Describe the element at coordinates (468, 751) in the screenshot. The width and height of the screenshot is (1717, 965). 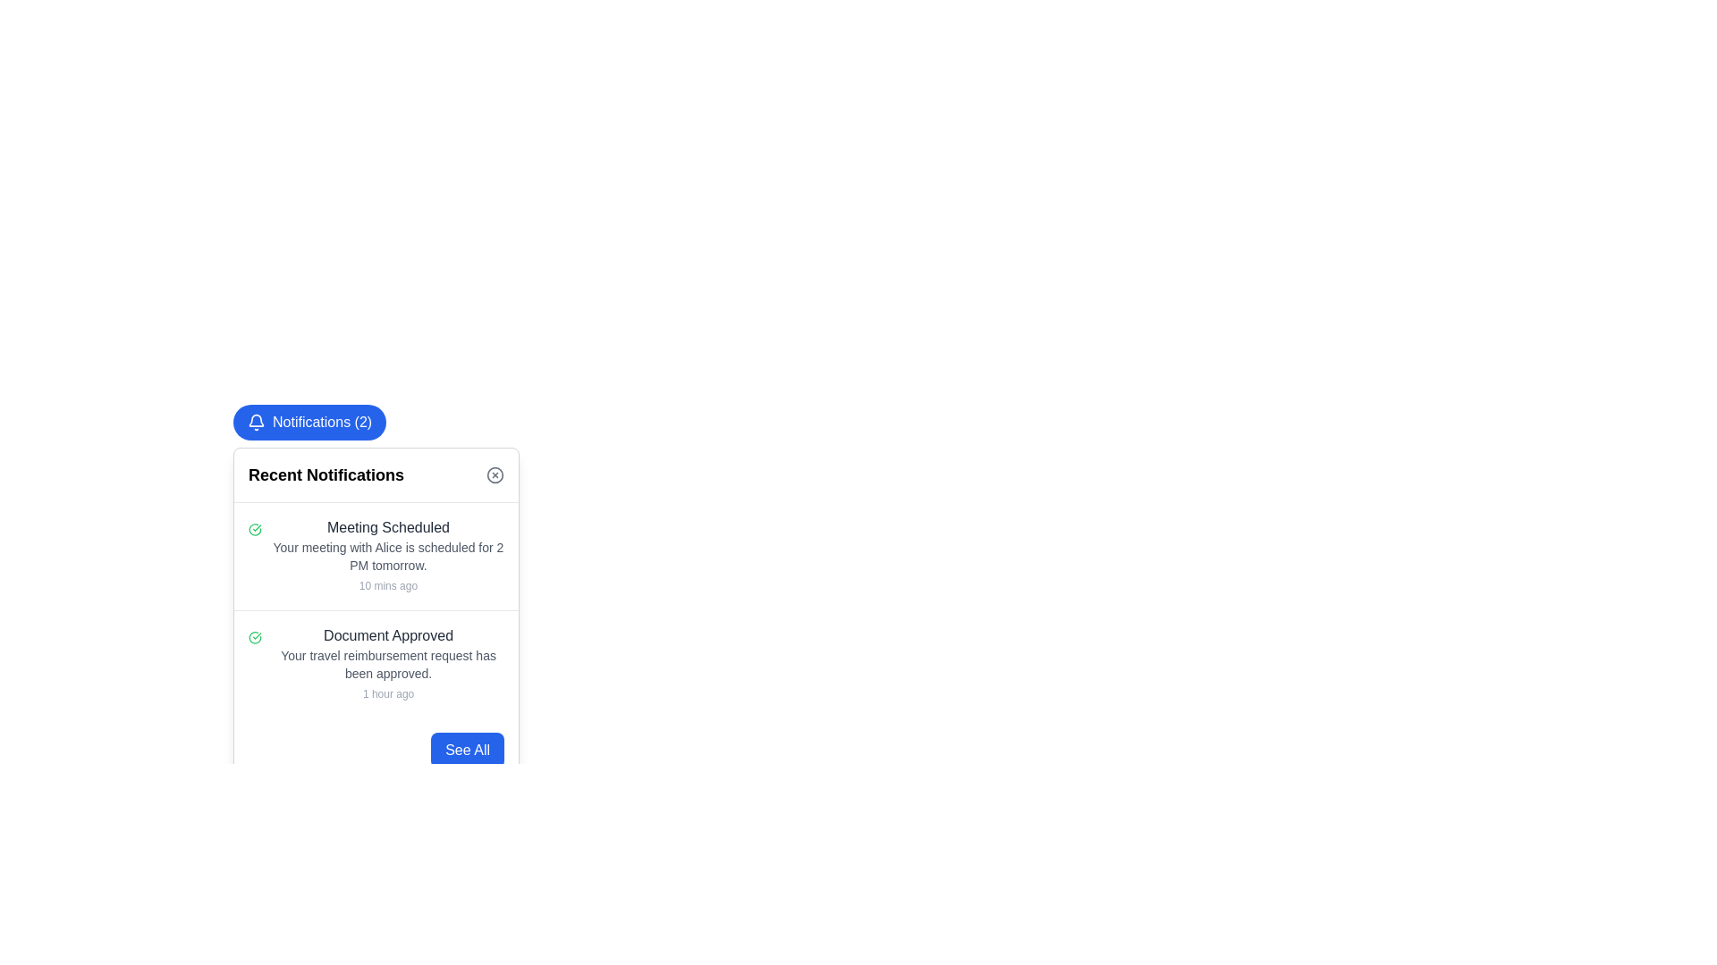
I see `the rectangular button with a blue background and bold white text reading 'See All' to observe the hover effect` at that location.